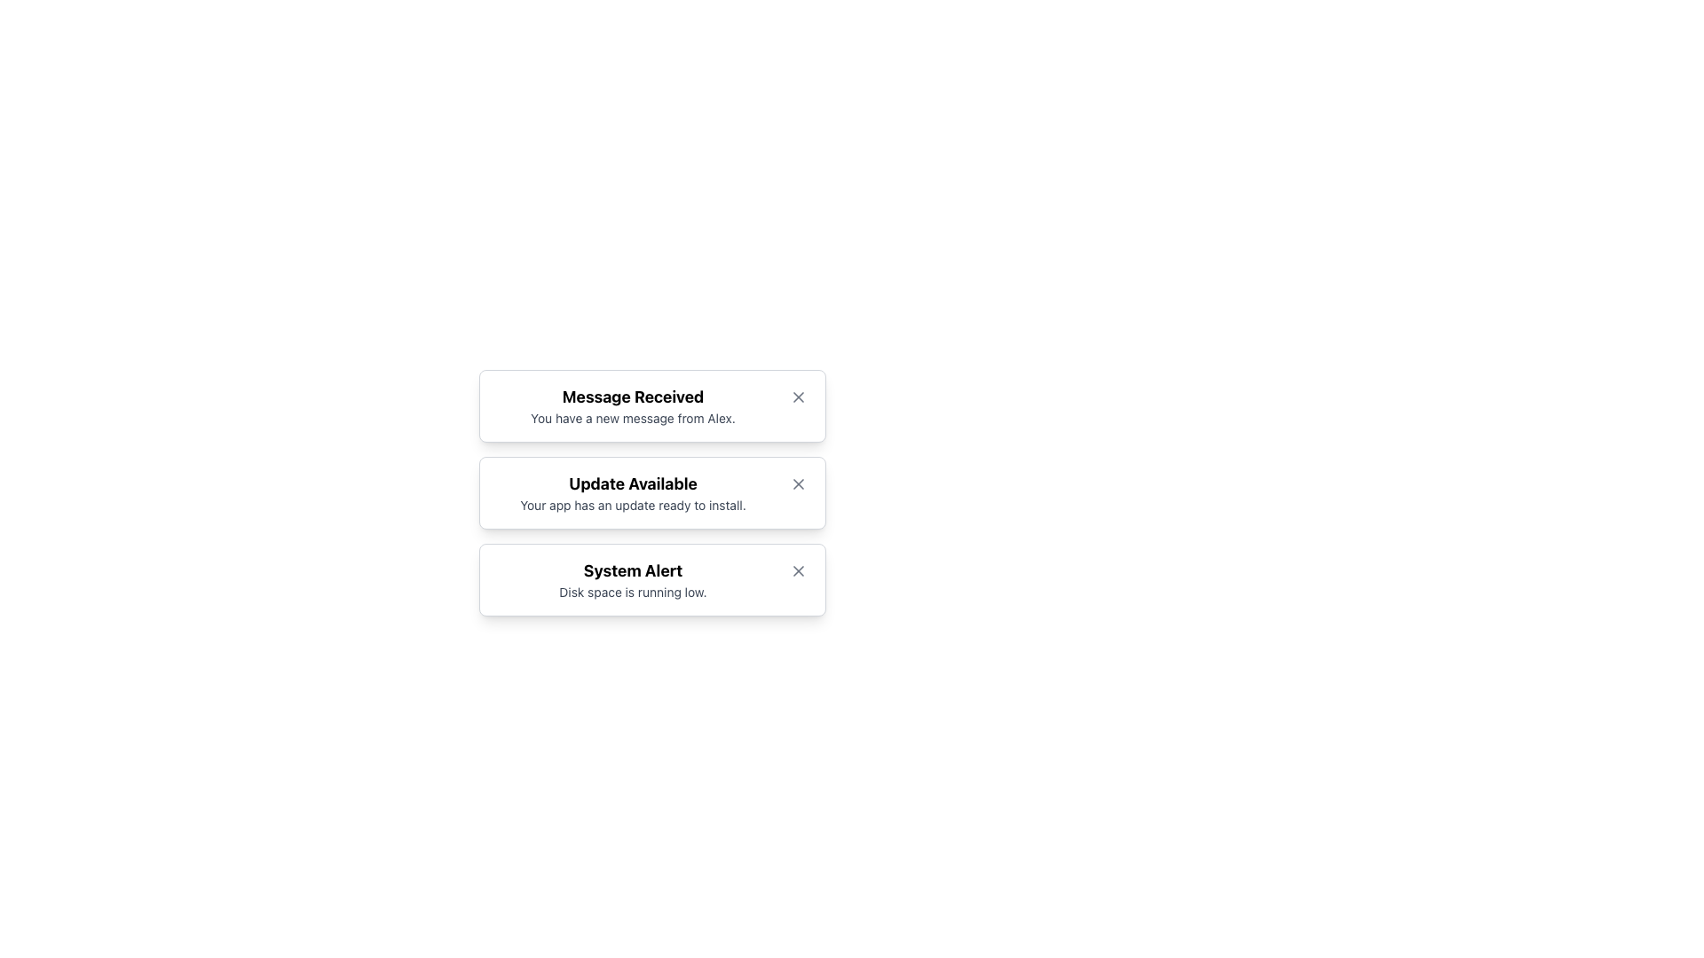 Image resolution: width=1704 pixels, height=958 pixels. What do you see at coordinates (798, 484) in the screenshot?
I see `the 'X' shaped close icon located at the top-right corner of the 'Update Available' alert box` at bounding box center [798, 484].